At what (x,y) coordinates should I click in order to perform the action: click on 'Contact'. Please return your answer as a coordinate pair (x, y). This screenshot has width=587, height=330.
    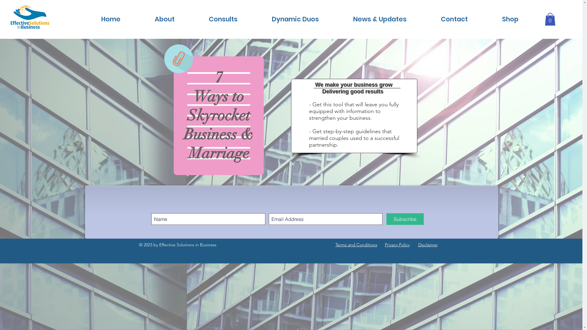
    Looking at the image, I should click on (454, 19).